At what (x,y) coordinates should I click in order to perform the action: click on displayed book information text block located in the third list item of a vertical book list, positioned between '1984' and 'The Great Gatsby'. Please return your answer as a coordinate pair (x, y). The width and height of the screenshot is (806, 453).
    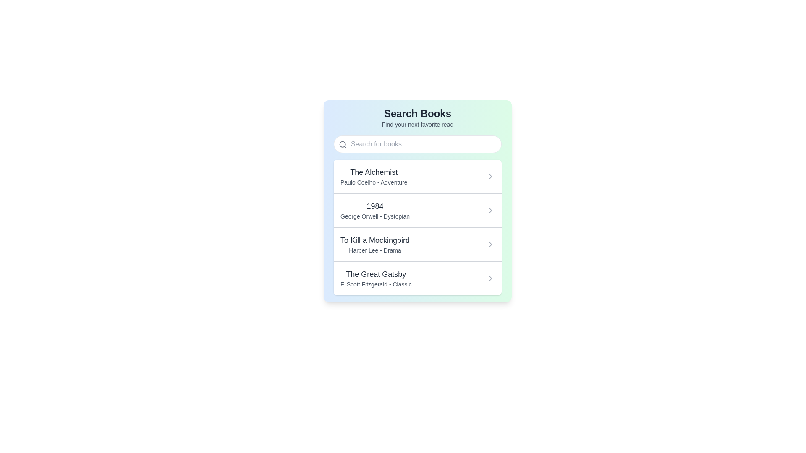
    Looking at the image, I should click on (374, 244).